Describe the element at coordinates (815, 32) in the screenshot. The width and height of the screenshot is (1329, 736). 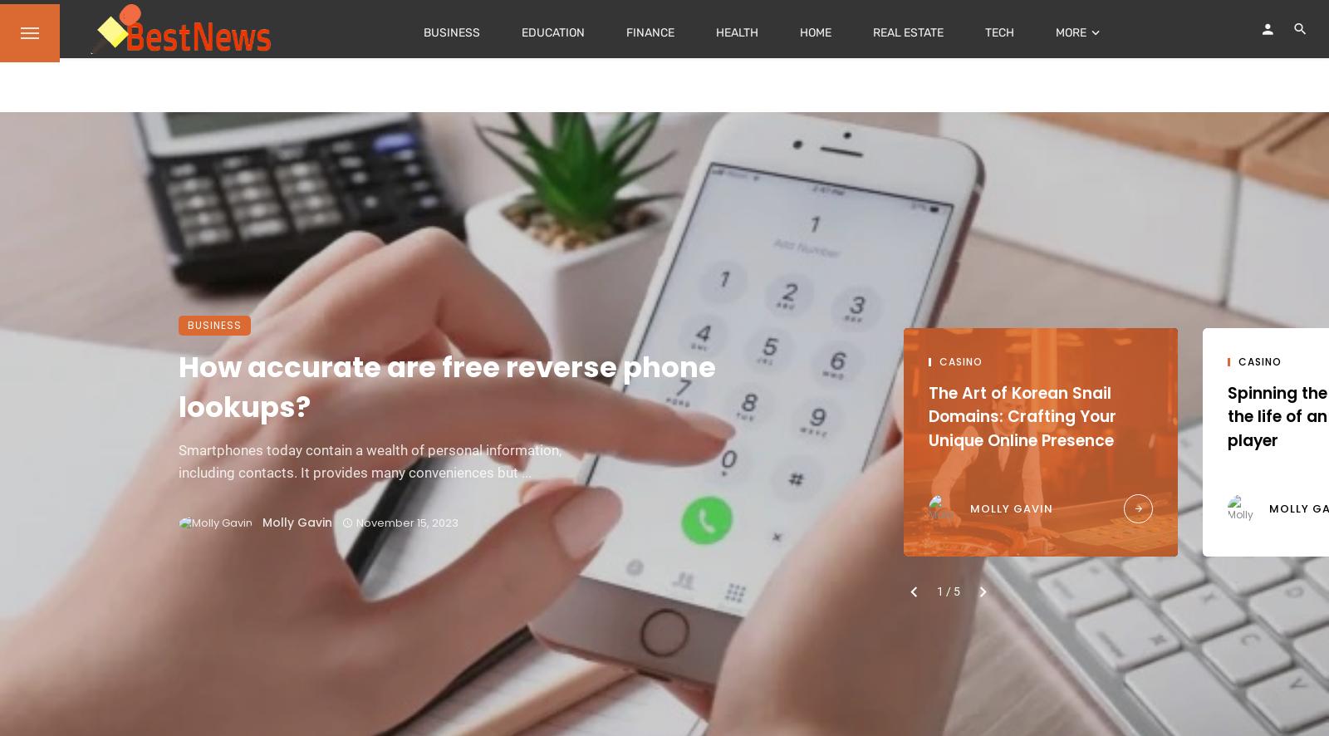
I see `'Home'` at that location.